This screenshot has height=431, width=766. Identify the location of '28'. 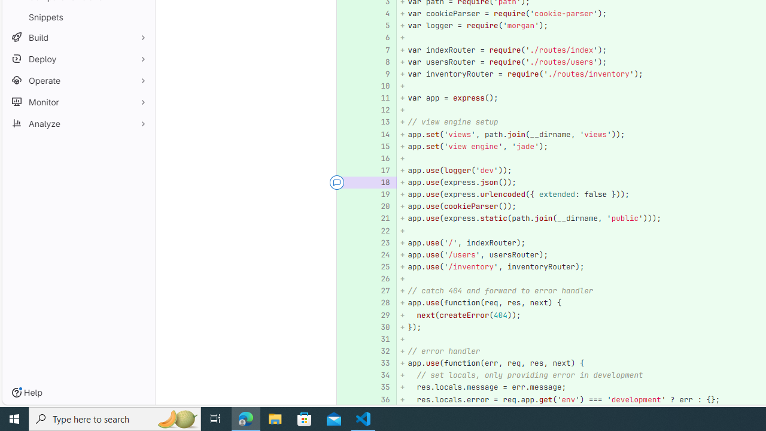
(379, 302).